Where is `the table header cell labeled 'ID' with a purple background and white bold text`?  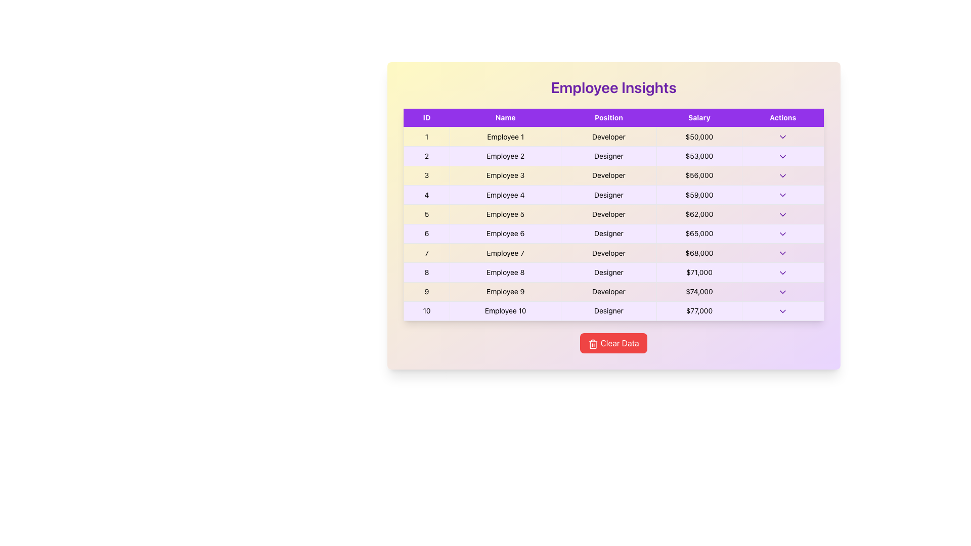
the table header cell labeled 'ID' with a purple background and white bold text is located at coordinates (427, 117).